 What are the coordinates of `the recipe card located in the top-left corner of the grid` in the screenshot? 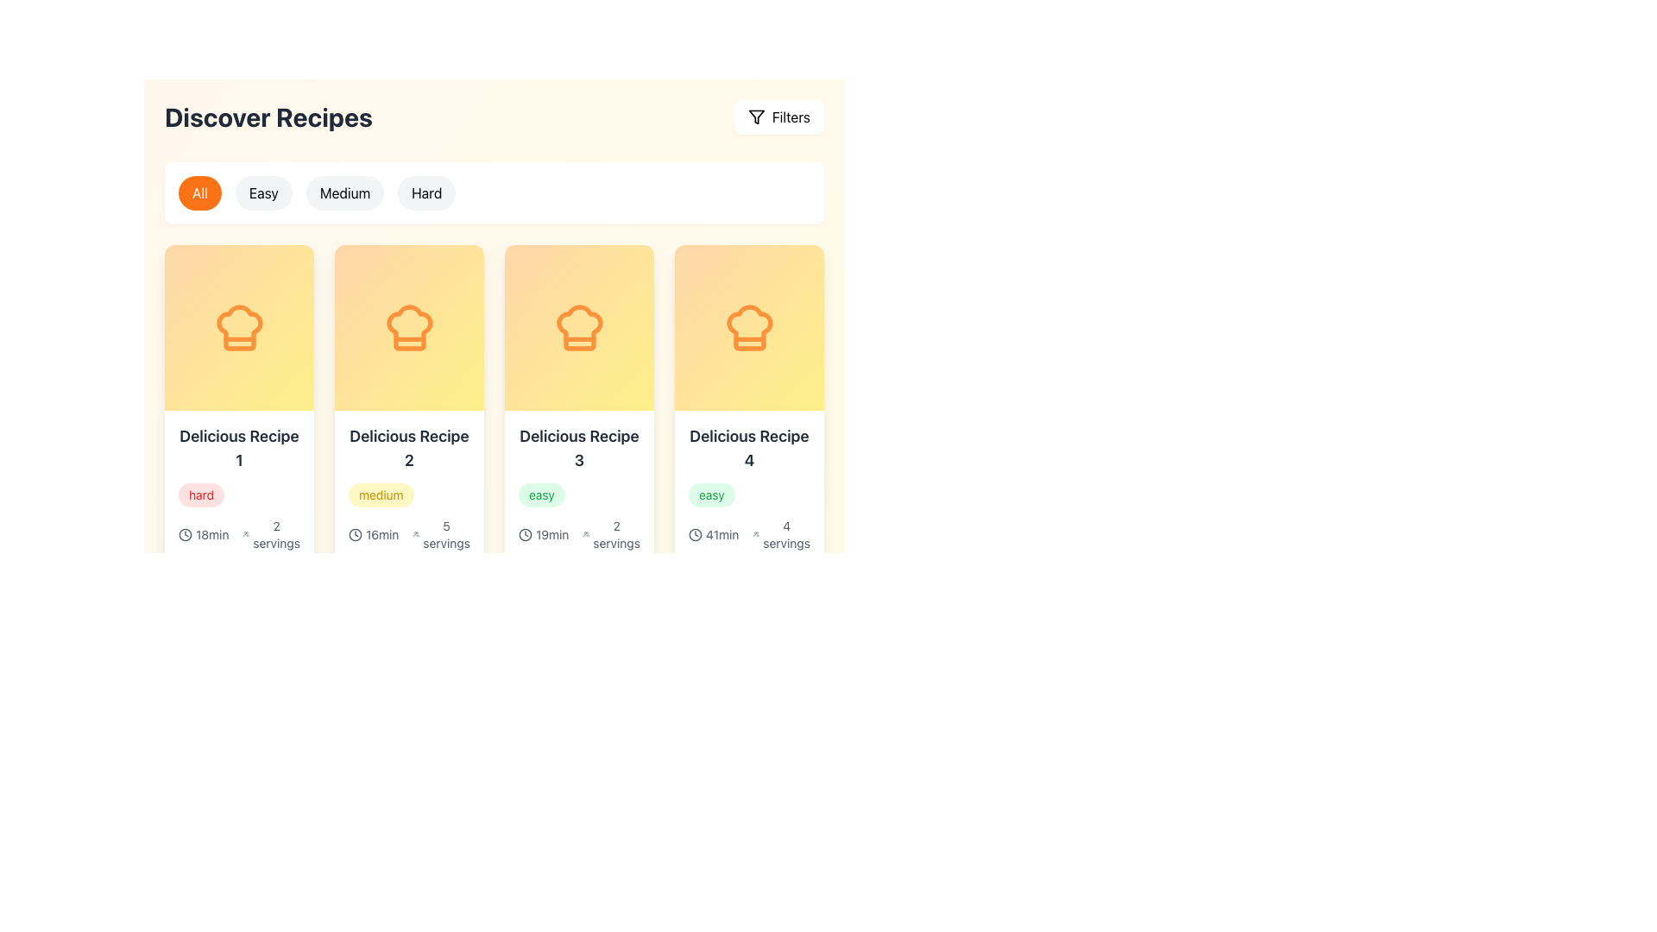 It's located at (238, 425).